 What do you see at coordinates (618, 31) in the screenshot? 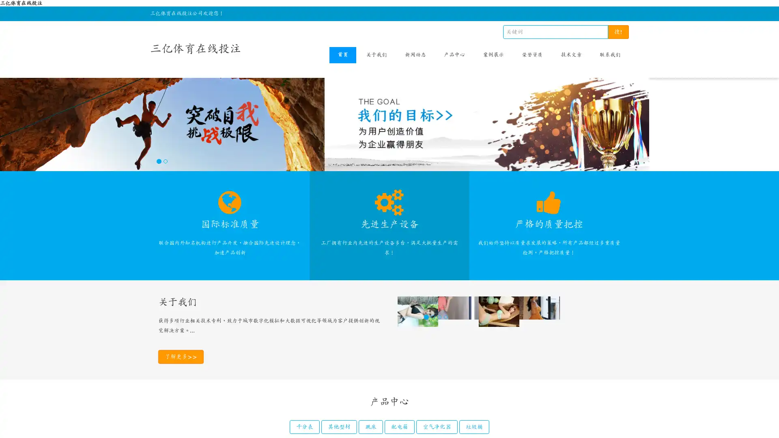
I see `!` at bounding box center [618, 31].